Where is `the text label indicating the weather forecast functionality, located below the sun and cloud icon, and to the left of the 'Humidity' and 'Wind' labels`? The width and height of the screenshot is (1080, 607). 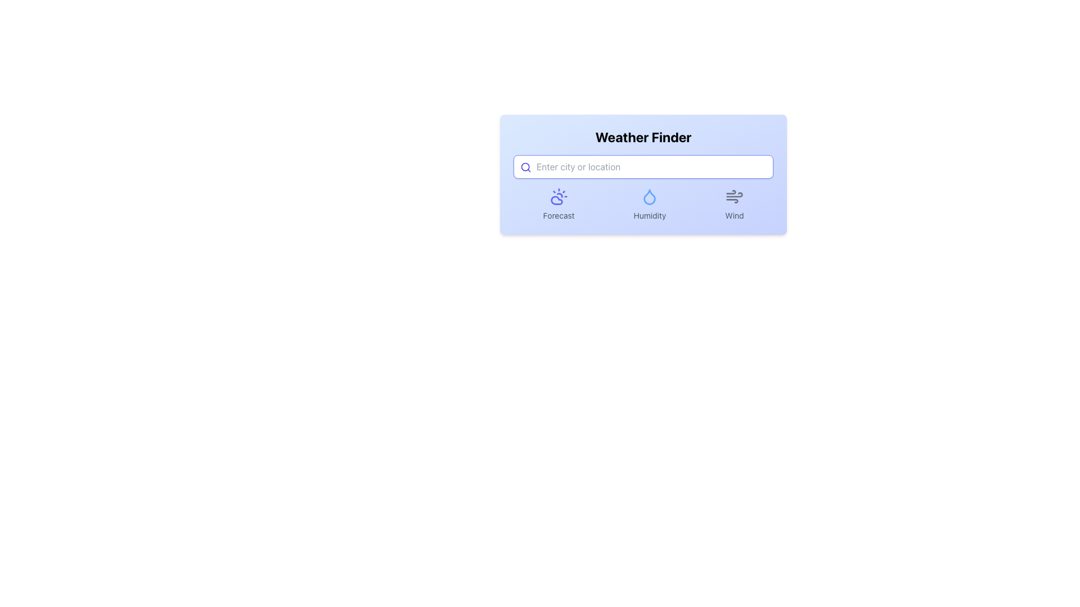
the text label indicating the weather forecast functionality, located below the sun and cloud icon, and to the left of the 'Humidity' and 'Wind' labels is located at coordinates (559, 216).